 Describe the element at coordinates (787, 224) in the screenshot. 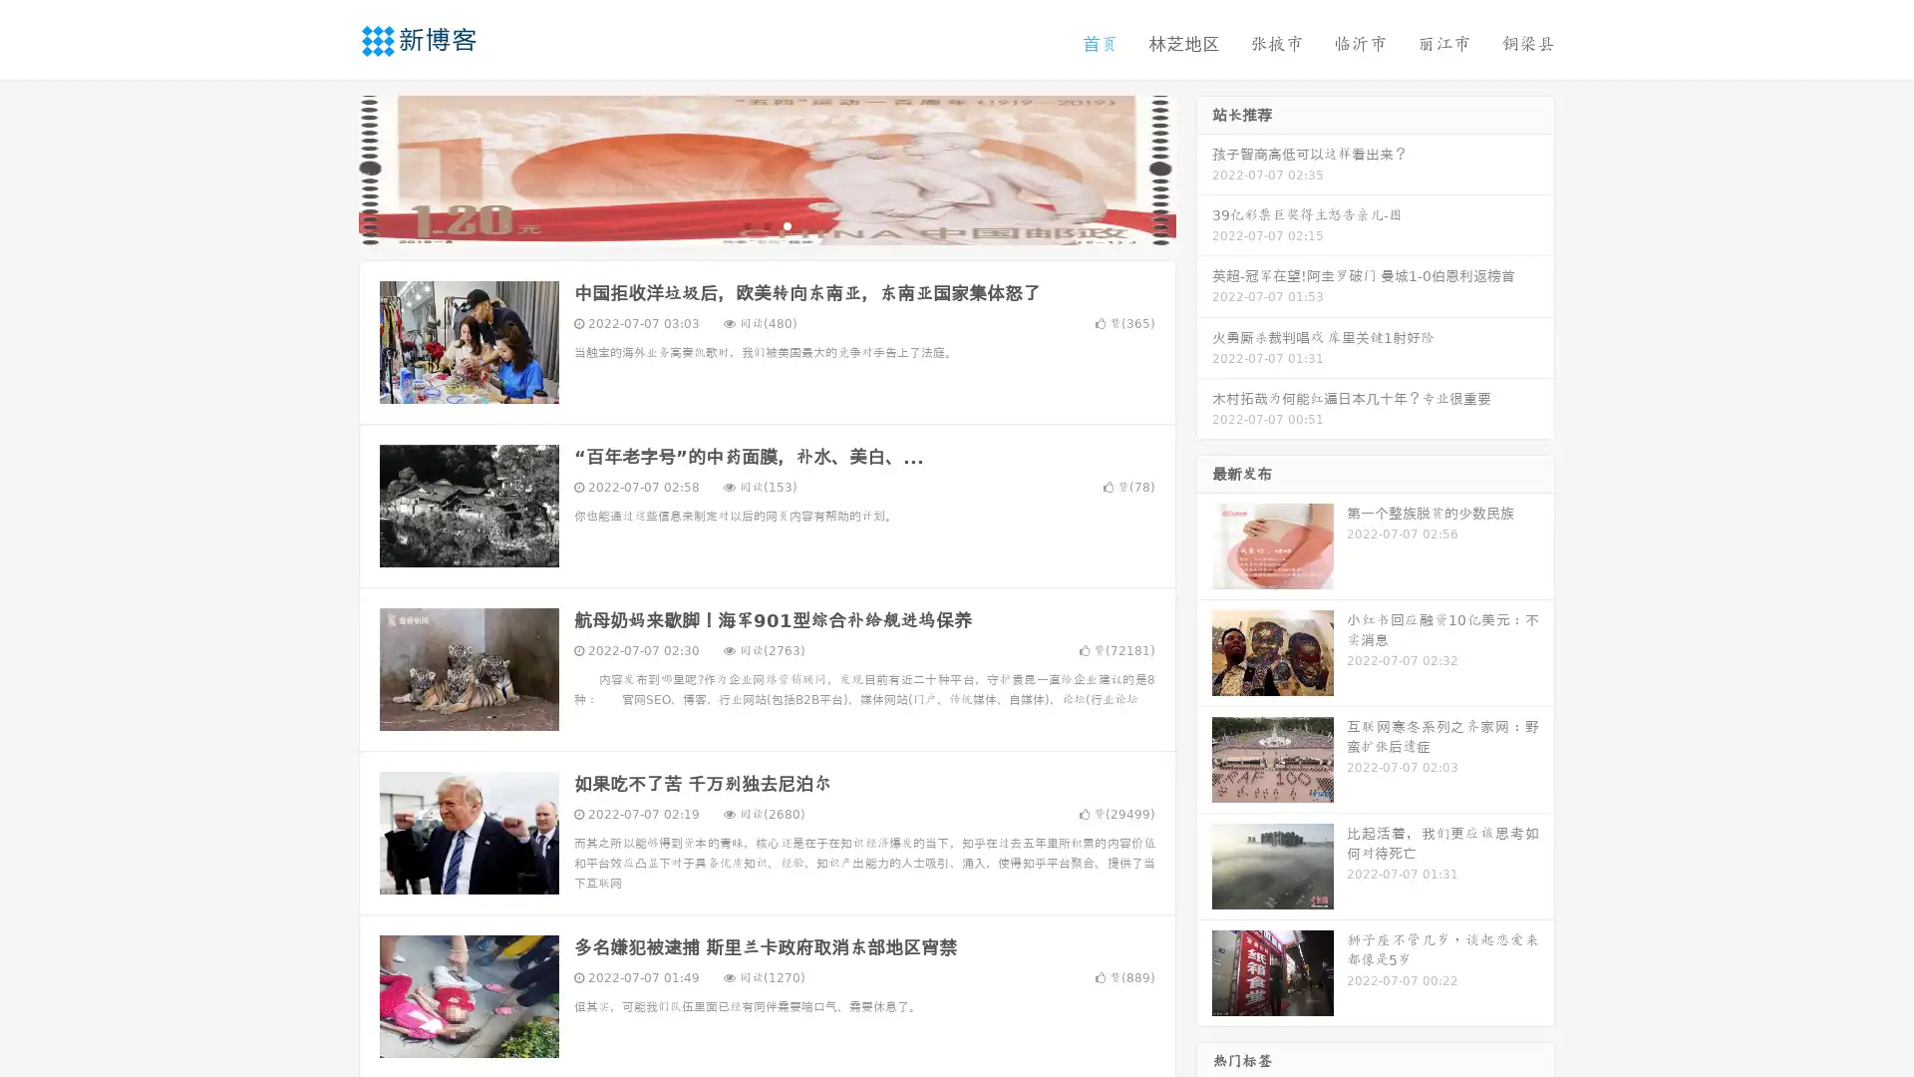

I see `Go to slide 3` at that location.